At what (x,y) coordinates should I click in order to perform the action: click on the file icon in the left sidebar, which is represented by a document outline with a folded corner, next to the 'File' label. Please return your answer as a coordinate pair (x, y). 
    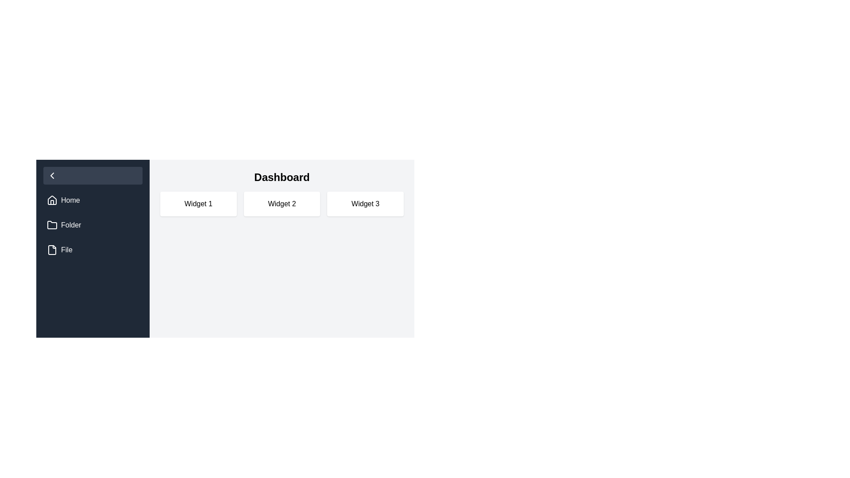
    Looking at the image, I should click on (52, 250).